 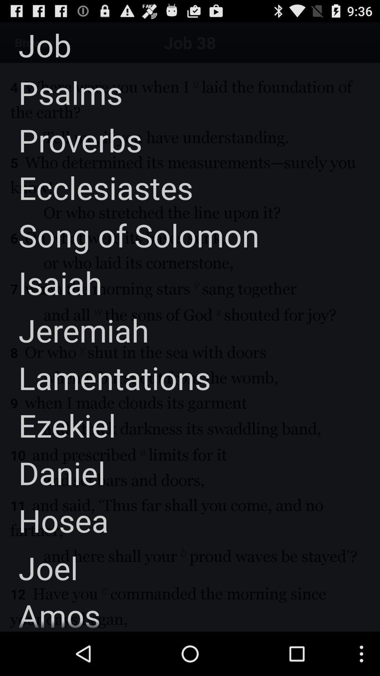 What do you see at coordinates (105, 377) in the screenshot?
I see `lamentations item` at bounding box center [105, 377].